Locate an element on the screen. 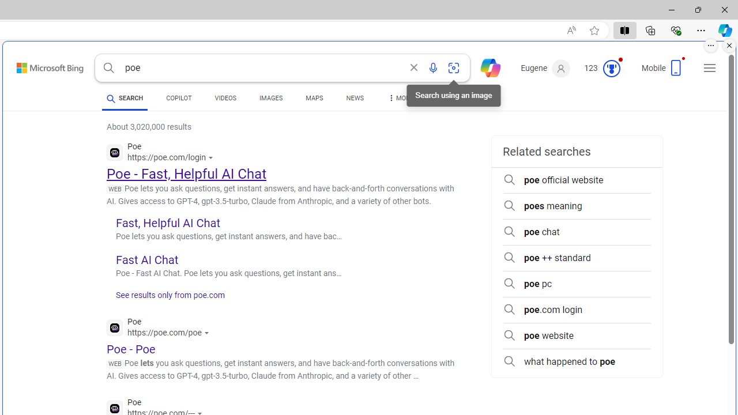 This screenshot has width=738, height=415. 'poe chat' is located at coordinates (577, 232).